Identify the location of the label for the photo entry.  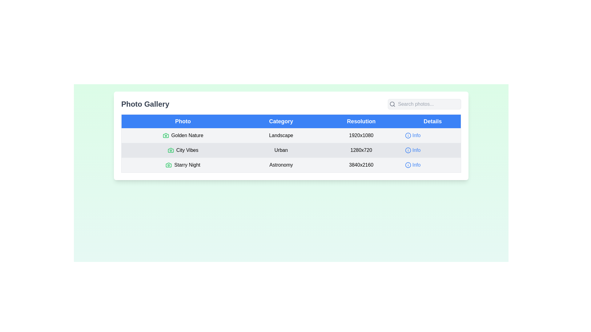
(183, 150).